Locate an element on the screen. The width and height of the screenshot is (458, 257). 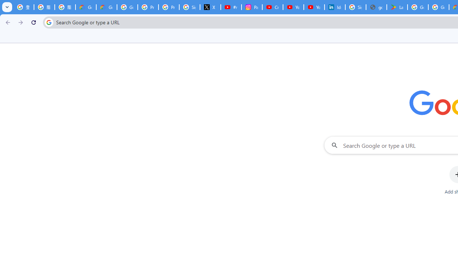
'Google Cloud Privacy Notice' is located at coordinates (86, 7).